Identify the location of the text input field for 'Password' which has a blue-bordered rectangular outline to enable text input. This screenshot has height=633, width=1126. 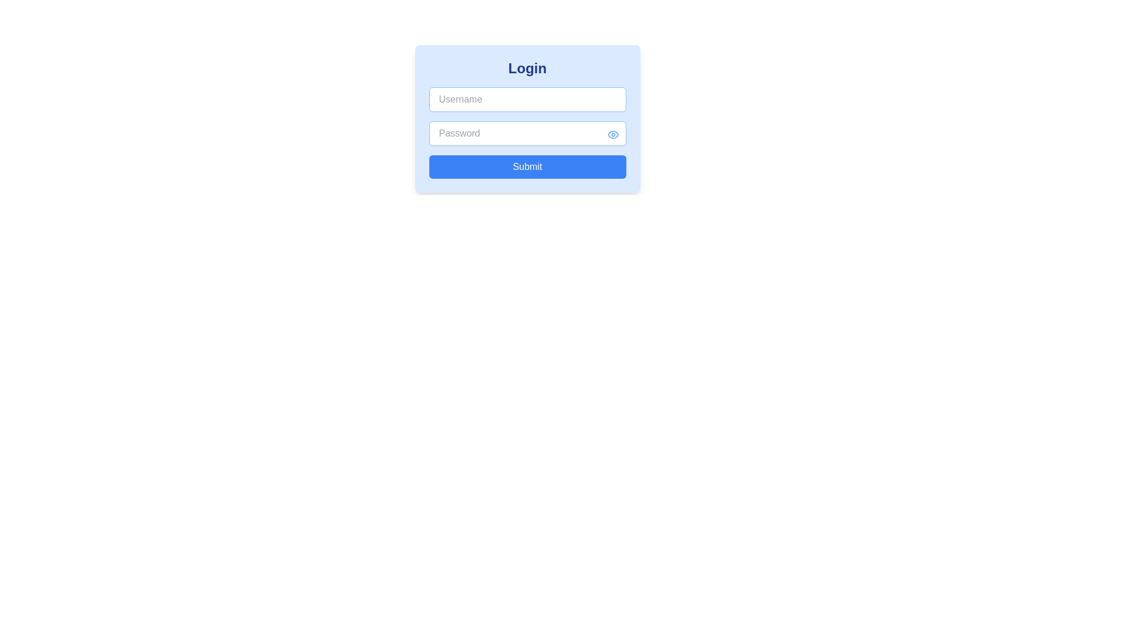
(527, 132).